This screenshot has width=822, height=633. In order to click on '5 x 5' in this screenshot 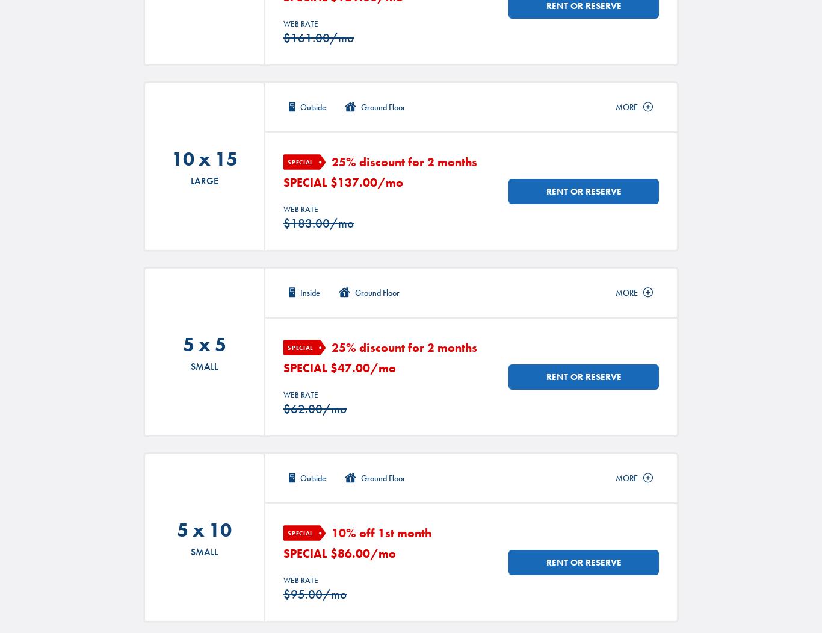, I will do `click(182, 345)`.